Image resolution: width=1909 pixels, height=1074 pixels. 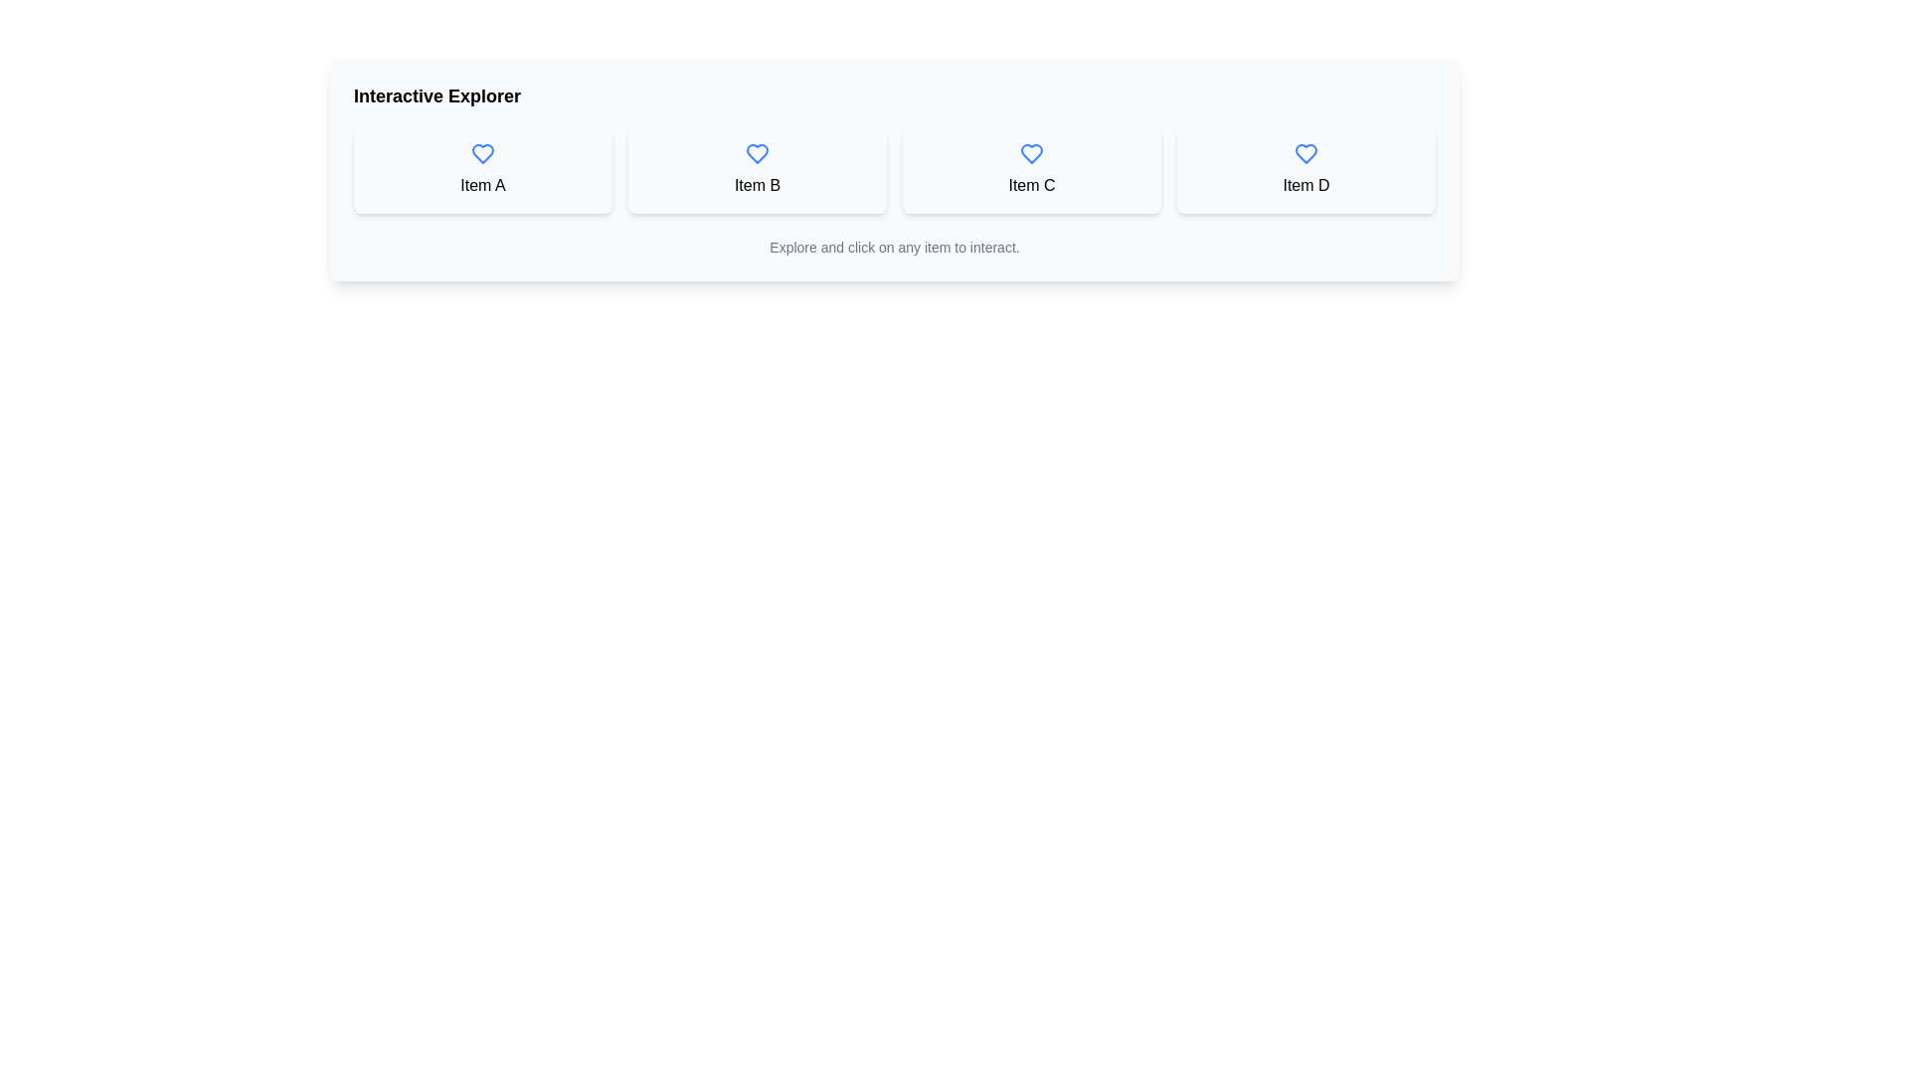 I want to click on the heart icon located in the fourth card labeled 'Item D', so click(x=1306, y=152).